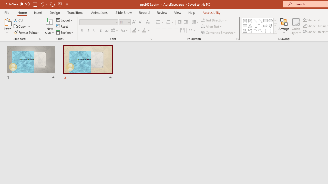 Image resolution: width=328 pixels, height=184 pixels. I want to click on 'Connector: Elbow', so click(255, 26).